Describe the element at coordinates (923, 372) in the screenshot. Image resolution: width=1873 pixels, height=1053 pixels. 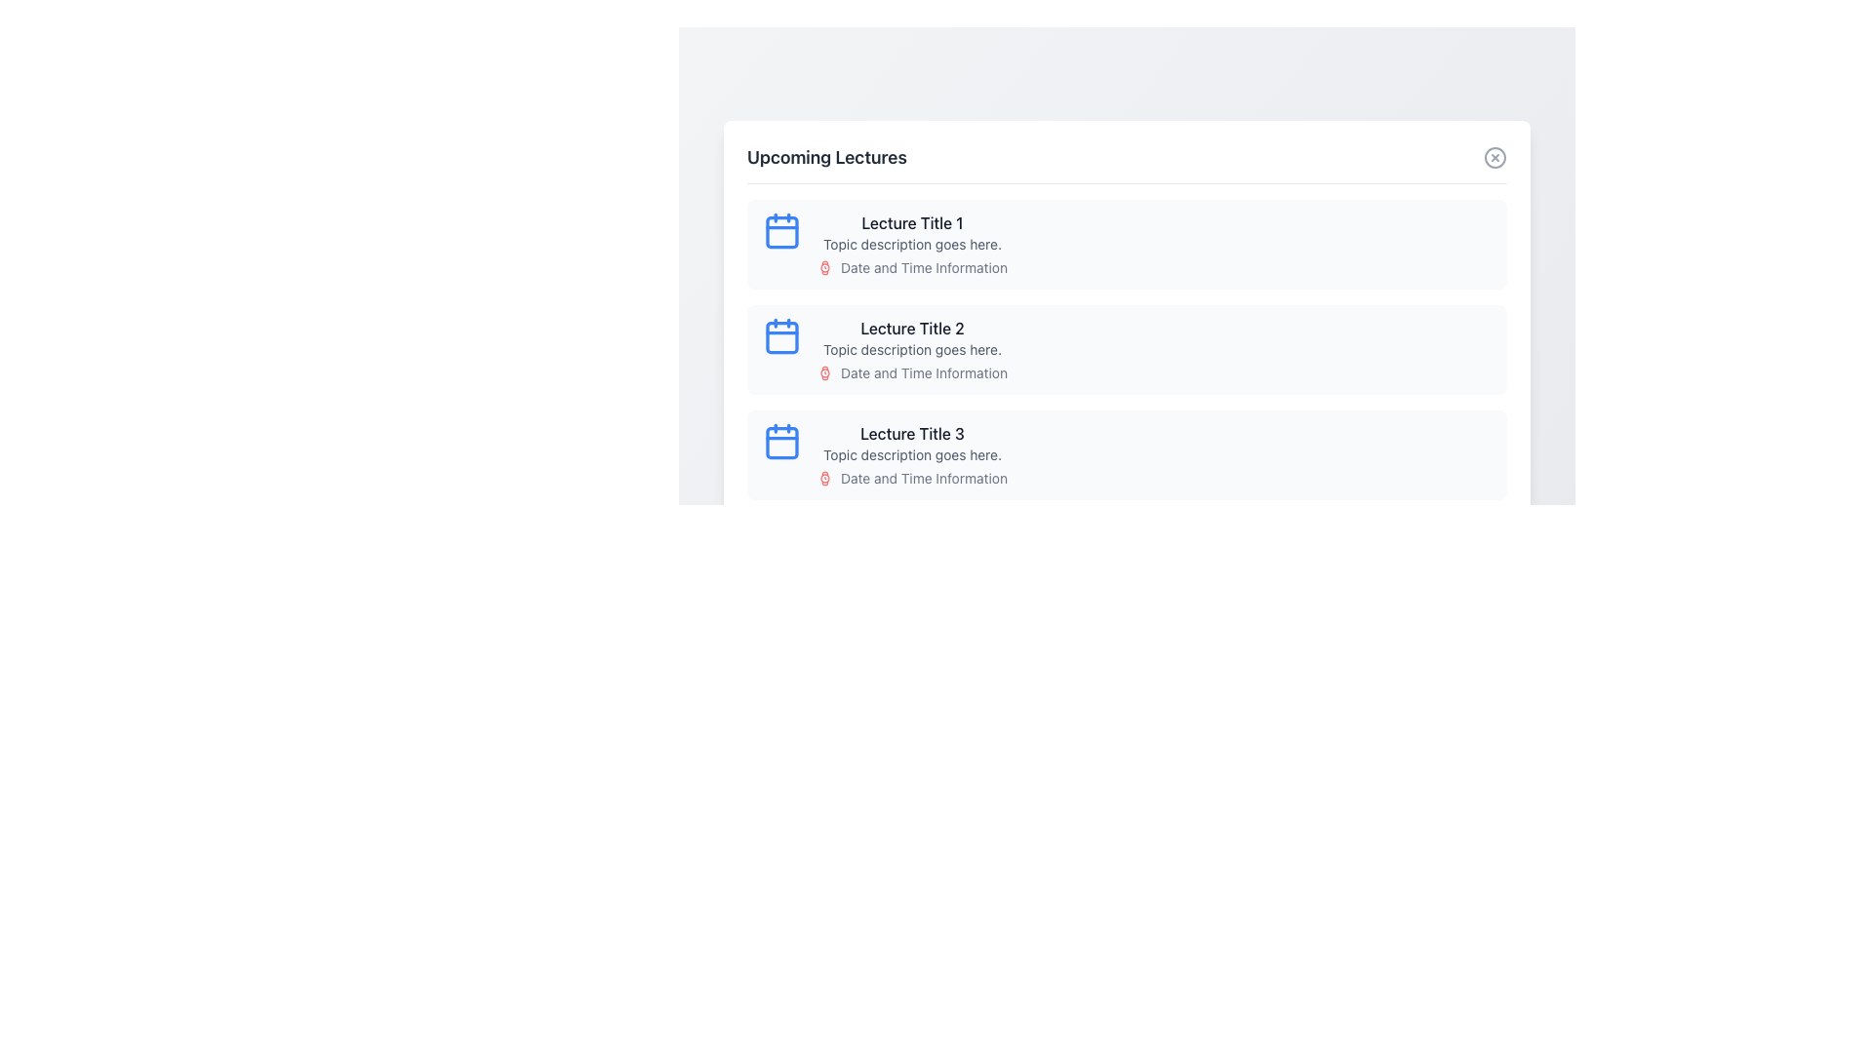
I see `text content of the label providing additional information about the date and time context associated with 'Lecture Title 2', which is positioned below the title and topic description, and horizontally aligned with a red pin icon` at that location.